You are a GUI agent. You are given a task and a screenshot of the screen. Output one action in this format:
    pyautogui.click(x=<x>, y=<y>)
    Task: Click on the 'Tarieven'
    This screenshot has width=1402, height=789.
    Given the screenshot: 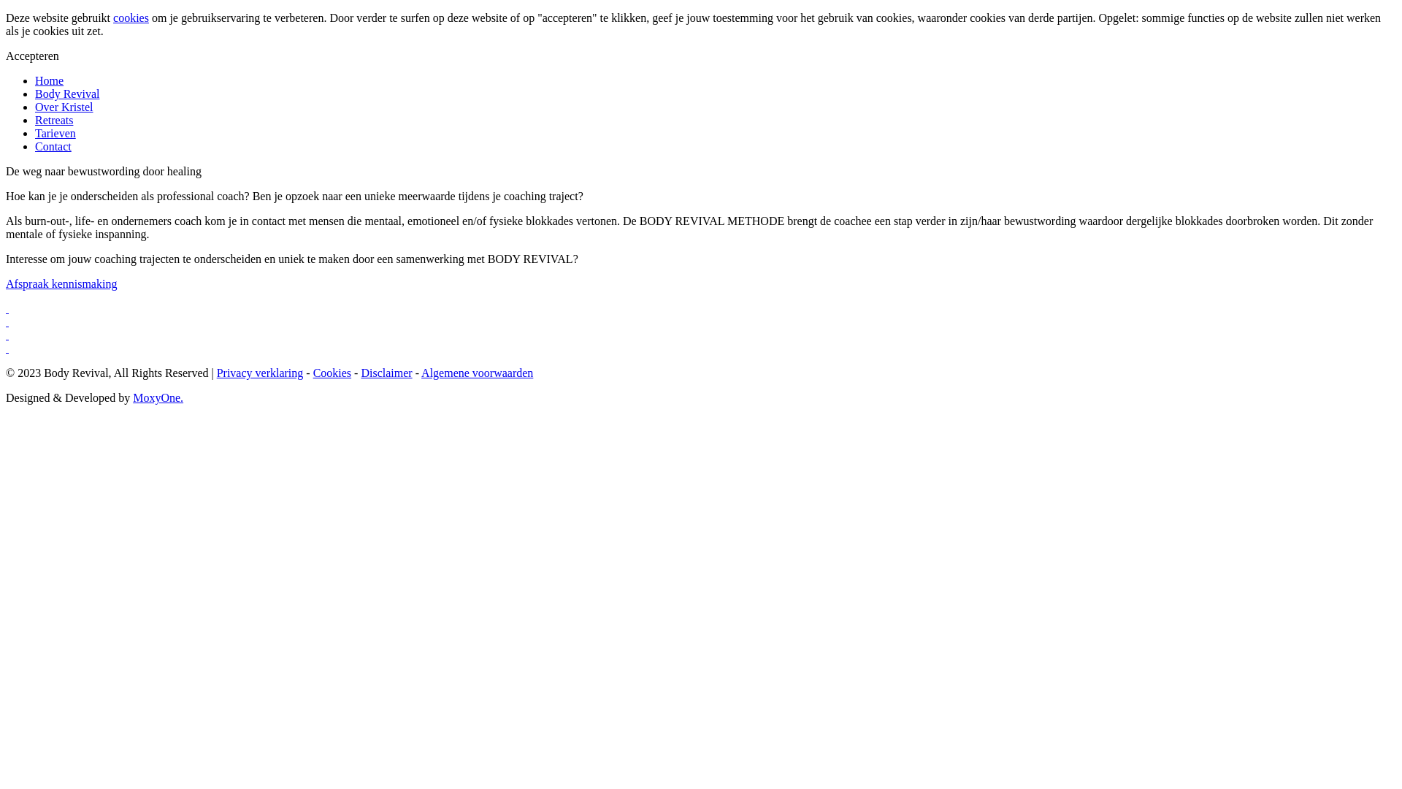 What is the action you would take?
    pyautogui.click(x=35, y=133)
    